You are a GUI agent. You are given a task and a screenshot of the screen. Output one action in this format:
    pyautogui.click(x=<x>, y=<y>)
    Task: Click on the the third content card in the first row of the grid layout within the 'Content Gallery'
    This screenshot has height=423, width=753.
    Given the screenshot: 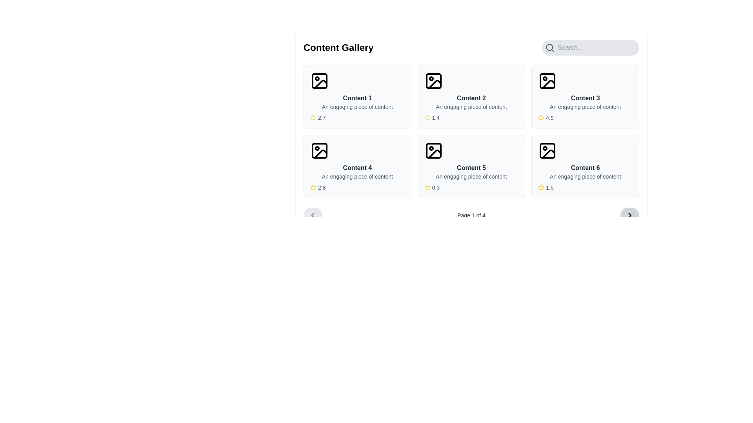 What is the action you would take?
    pyautogui.click(x=585, y=96)
    